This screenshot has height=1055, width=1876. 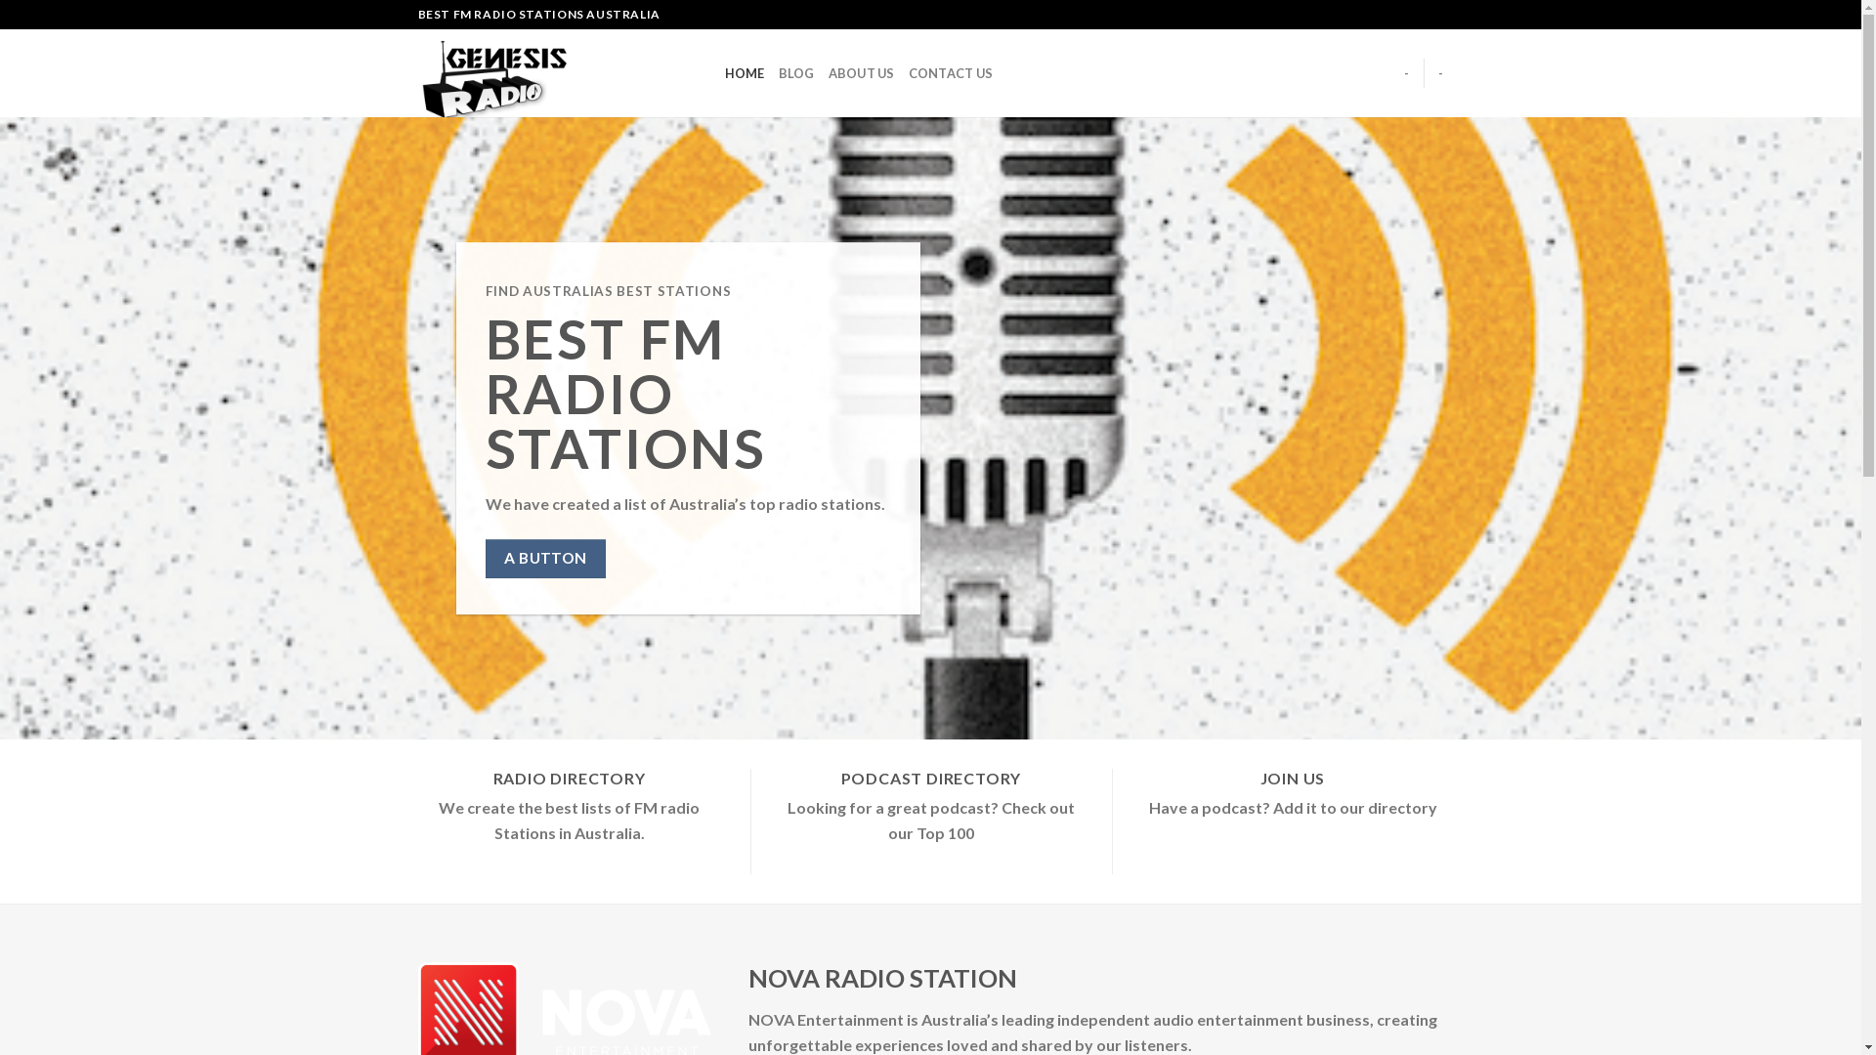 What do you see at coordinates (777, 71) in the screenshot?
I see `'BLOG'` at bounding box center [777, 71].